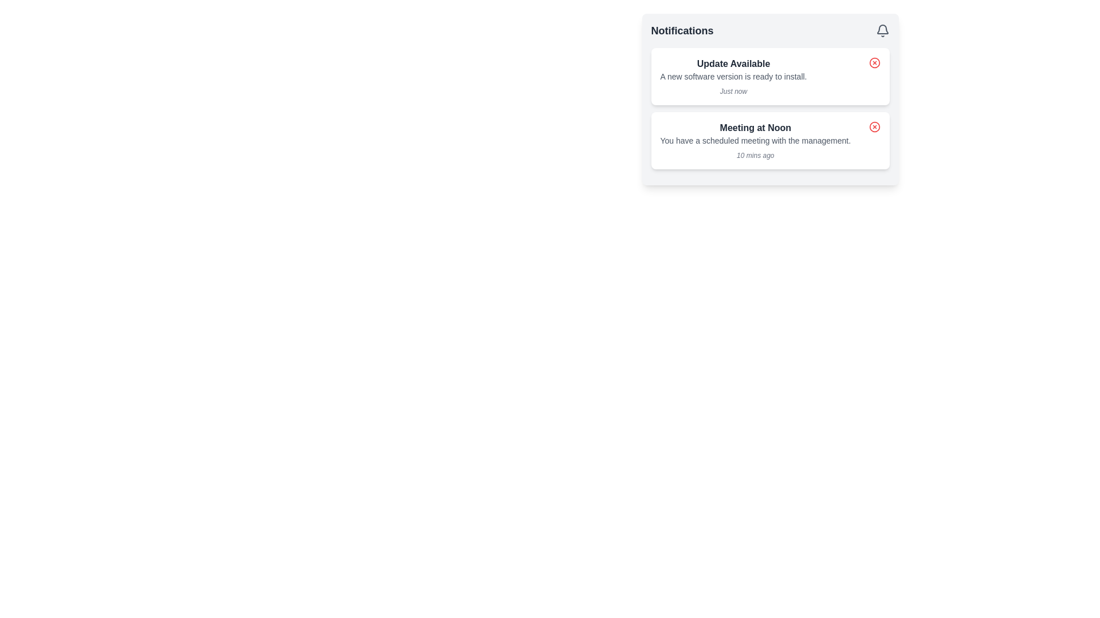  I want to click on the graphical circle within the SVG element that indicates 'Update Available', so click(874, 63).